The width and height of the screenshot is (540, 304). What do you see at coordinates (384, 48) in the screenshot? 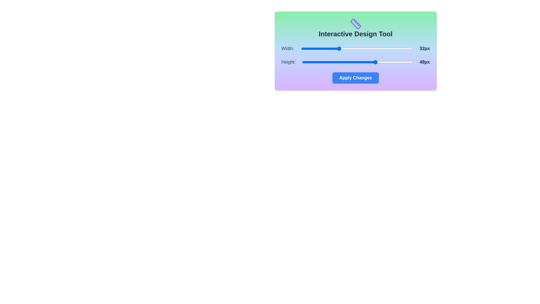
I see `the 'Width' slider to set its value to 52 within the range of 16 to 64` at bounding box center [384, 48].